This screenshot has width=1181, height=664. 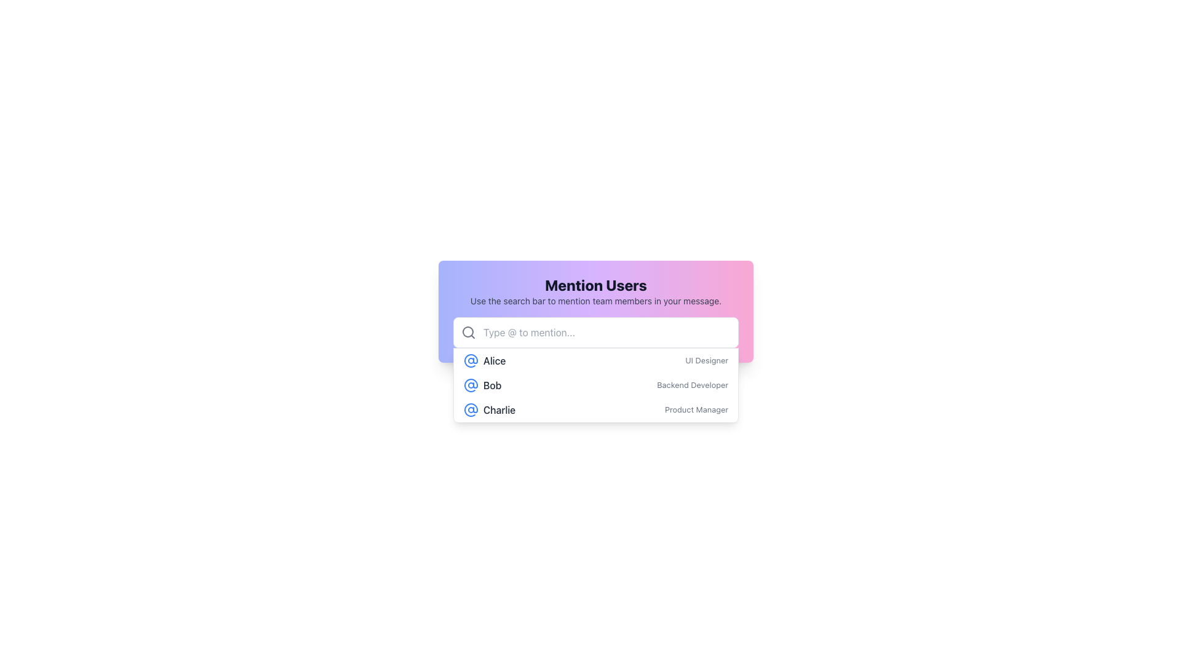 What do you see at coordinates (471, 410) in the screenshot?
I see `the SVG icon resembling an '@' symbol, which is the third icon in the list of user profiles, positioned to the left of the user's name and role description` at bounding box center [471, 410].